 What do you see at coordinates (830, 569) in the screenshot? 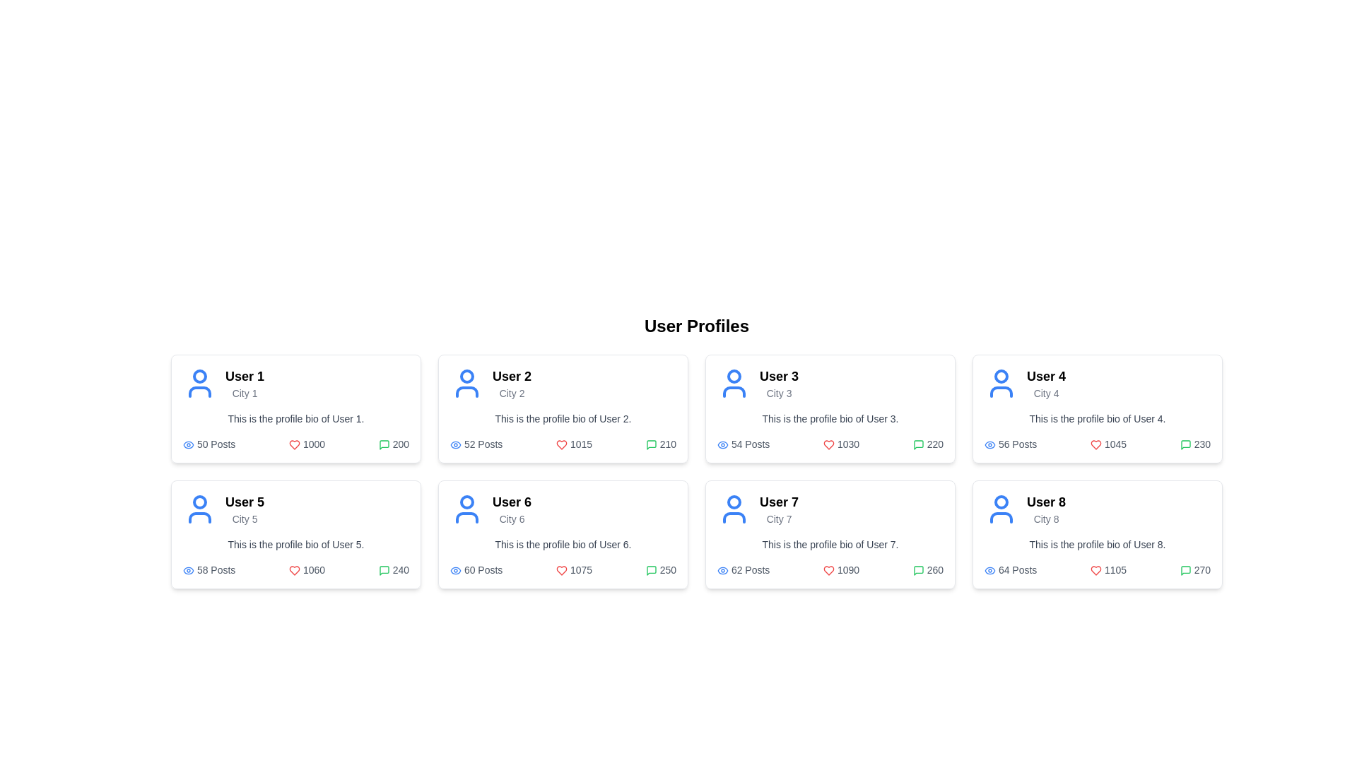
I see `the Information display row (text with icons) located at the bottom of the card for 'User 7', positioned below the user's bio text, in the second row of cards, third from the left` at bounding box center [830, 569].